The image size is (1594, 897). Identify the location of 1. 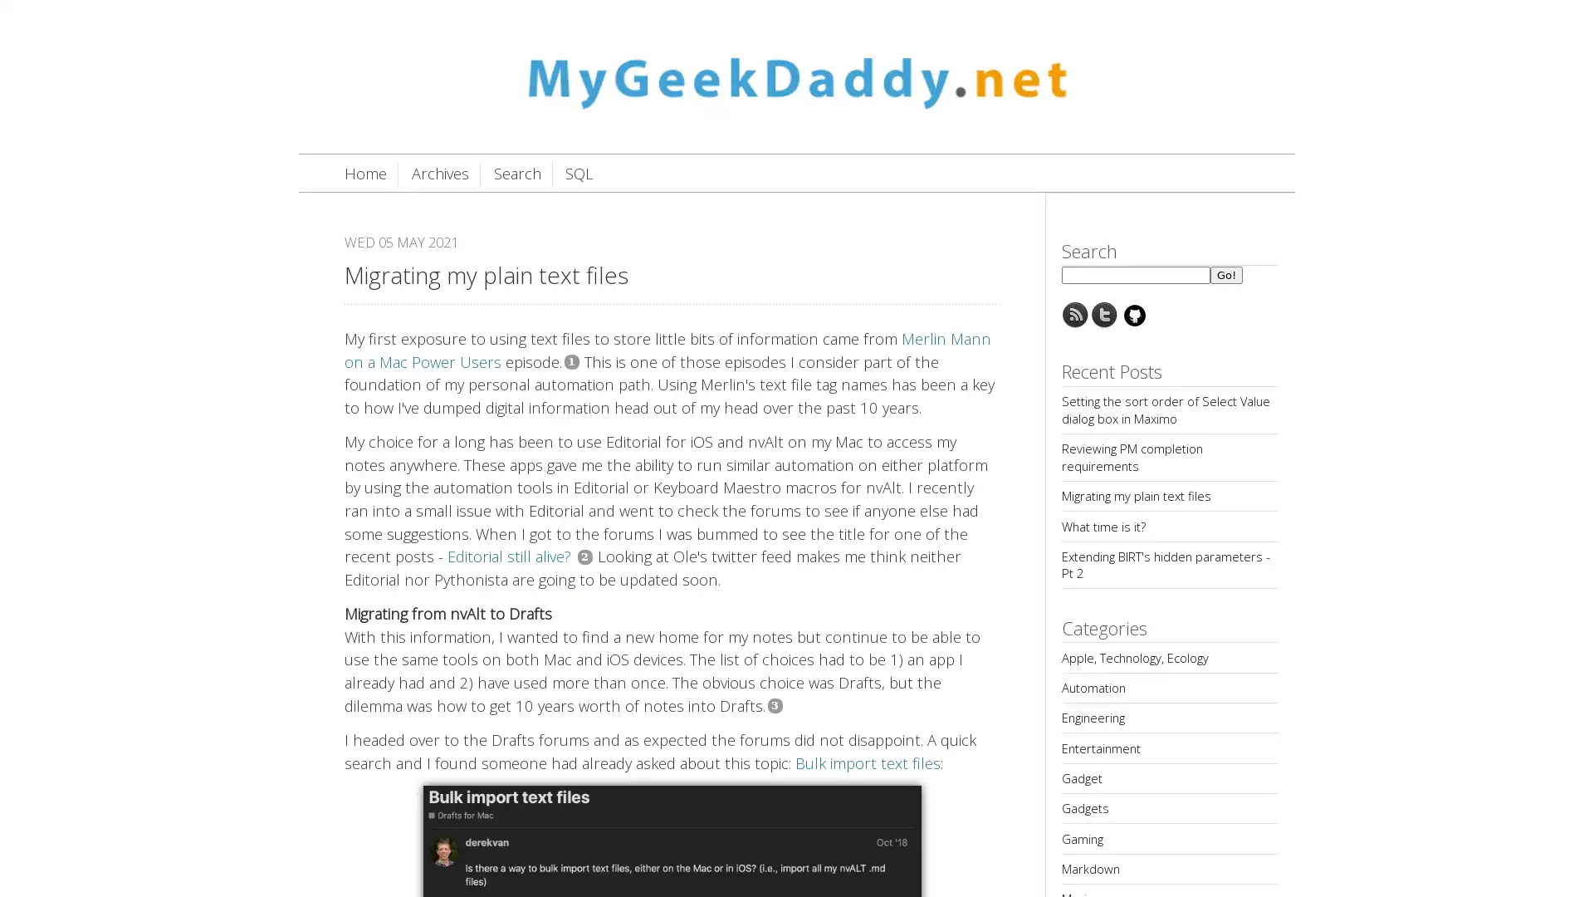
(571, 360).